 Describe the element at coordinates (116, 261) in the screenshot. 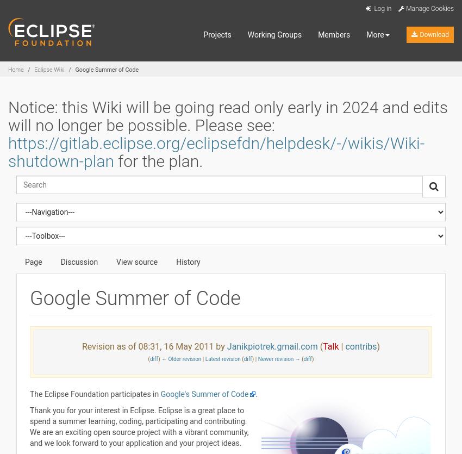

I see `'View source'` at that location.